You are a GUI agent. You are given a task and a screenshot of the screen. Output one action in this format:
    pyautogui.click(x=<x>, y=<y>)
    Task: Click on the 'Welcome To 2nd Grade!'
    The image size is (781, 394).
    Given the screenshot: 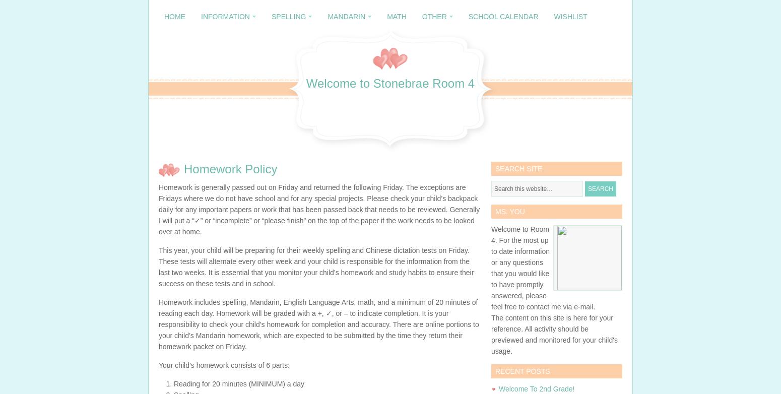 What is the action you would take?
    pyautogui.click(x=498, y=388)
    